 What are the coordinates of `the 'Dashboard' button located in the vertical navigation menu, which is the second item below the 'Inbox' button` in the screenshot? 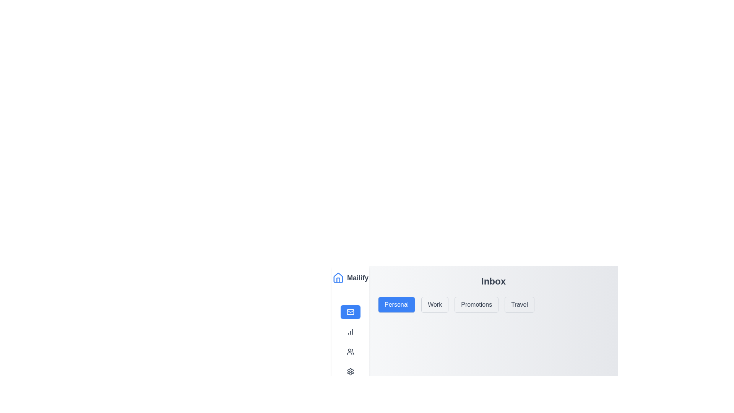 It's located at (350, 331).